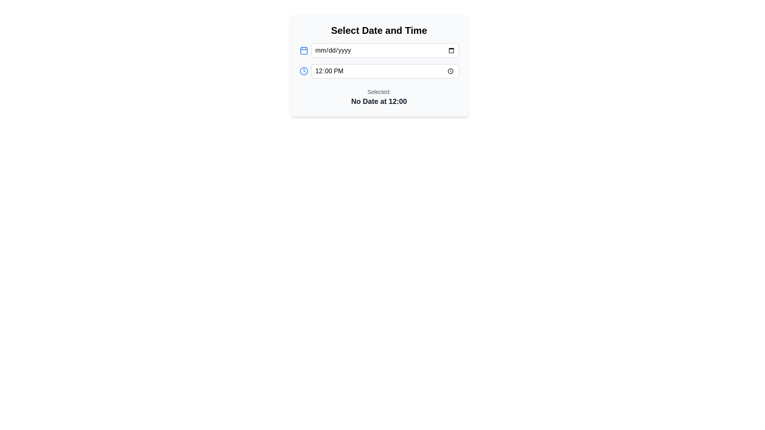 The image size is (765, 430). Describe the element at coordinates (379, 30) in the screenshot. I see `the text label that reads 'Select Date and Time', which is displayed in a bold, large font at the top center of the user interface` at that location.